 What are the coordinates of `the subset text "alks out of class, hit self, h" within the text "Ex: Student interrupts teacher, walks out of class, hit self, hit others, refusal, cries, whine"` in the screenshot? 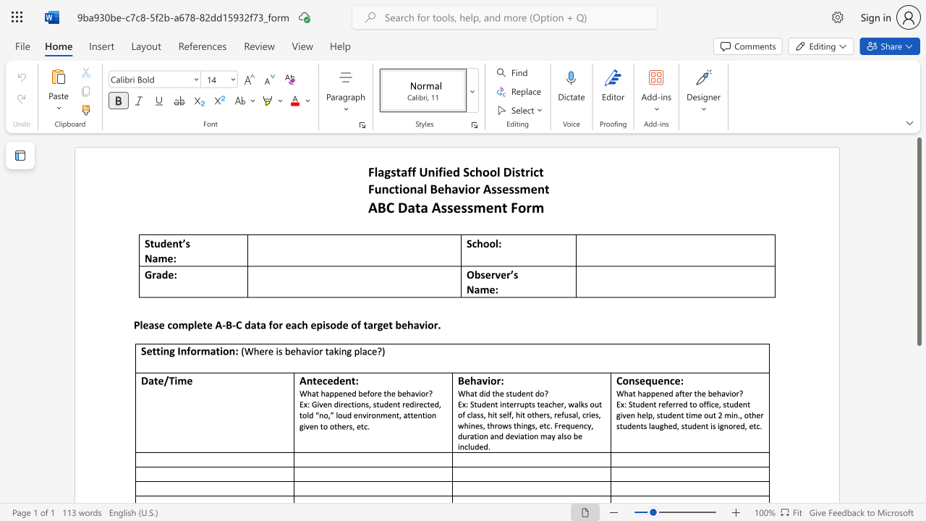 It's located at (574, 404).